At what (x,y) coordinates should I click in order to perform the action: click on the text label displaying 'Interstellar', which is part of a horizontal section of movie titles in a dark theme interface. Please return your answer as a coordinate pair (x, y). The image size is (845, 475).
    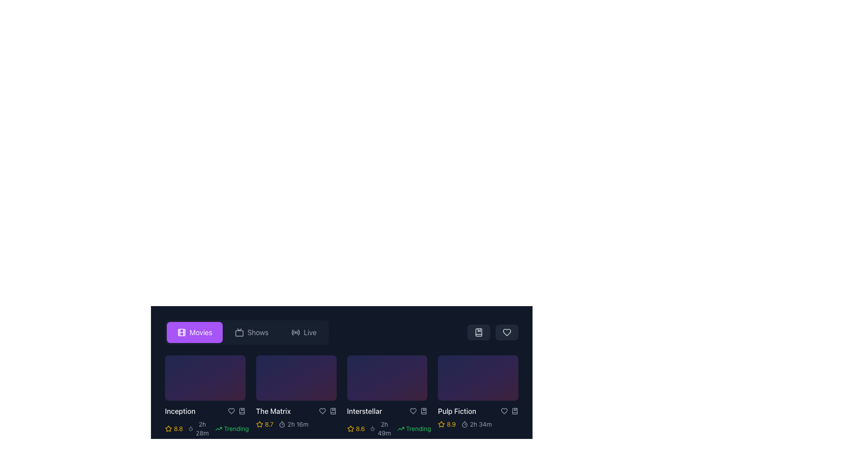
    Looking at the image, I should click on (364, 411).